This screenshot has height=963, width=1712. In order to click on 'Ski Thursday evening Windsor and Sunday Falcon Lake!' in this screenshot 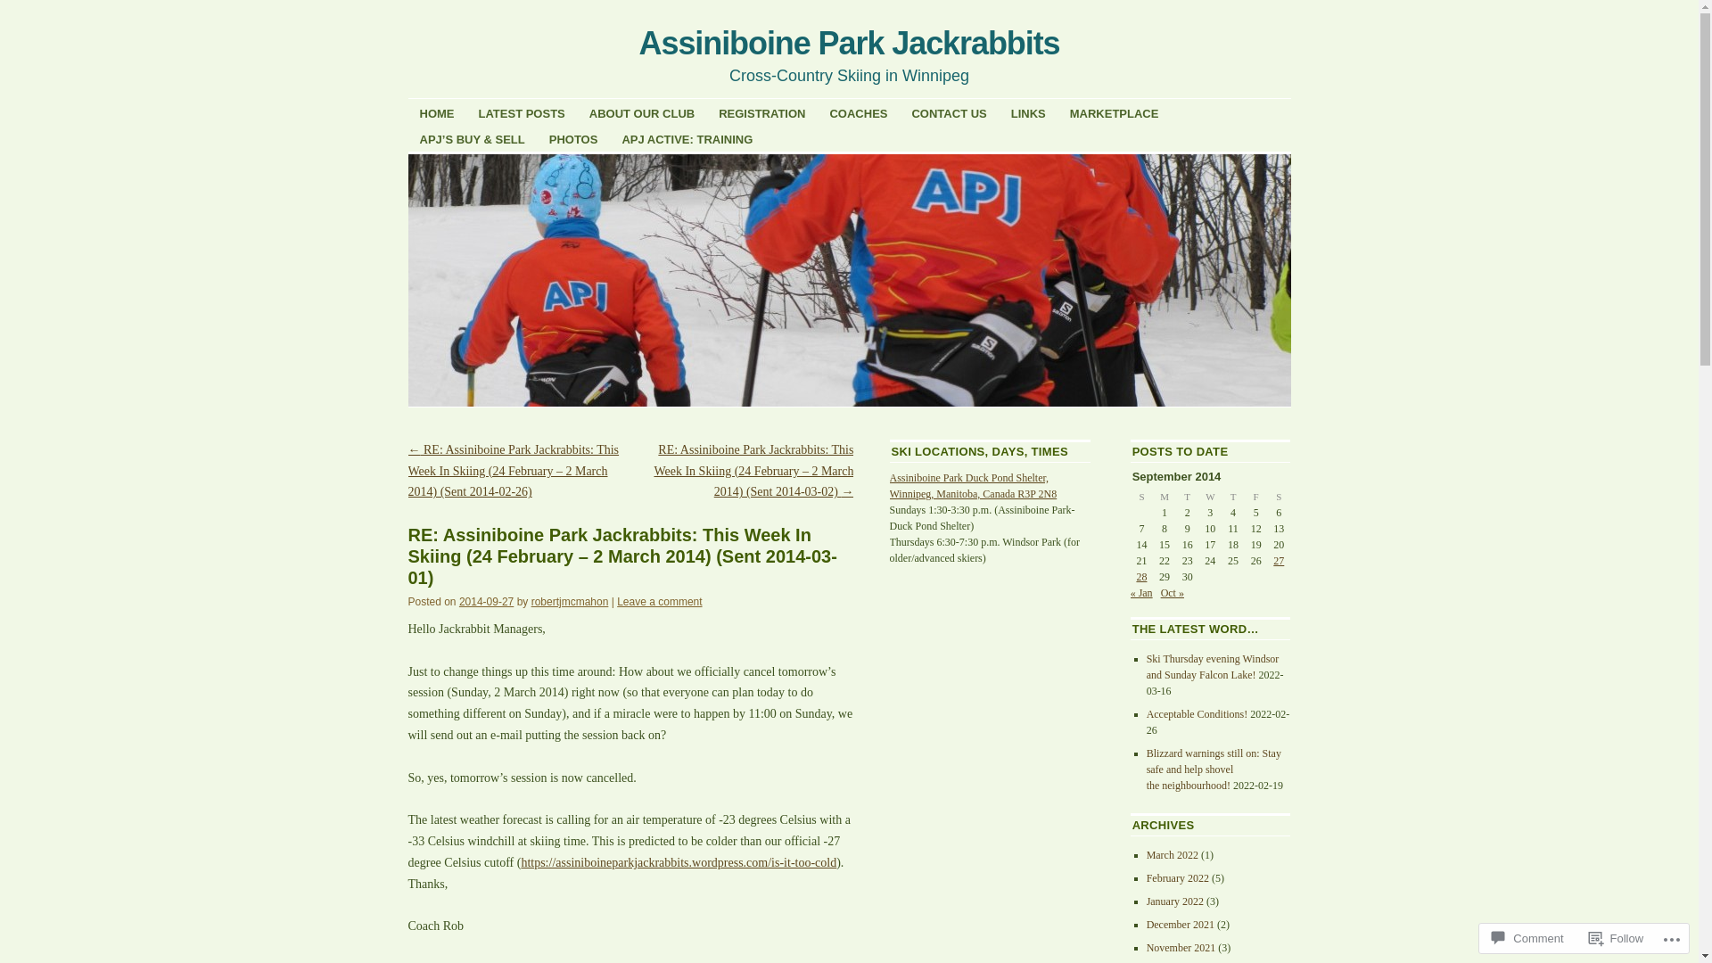, I will do `click(1213, 667)`.